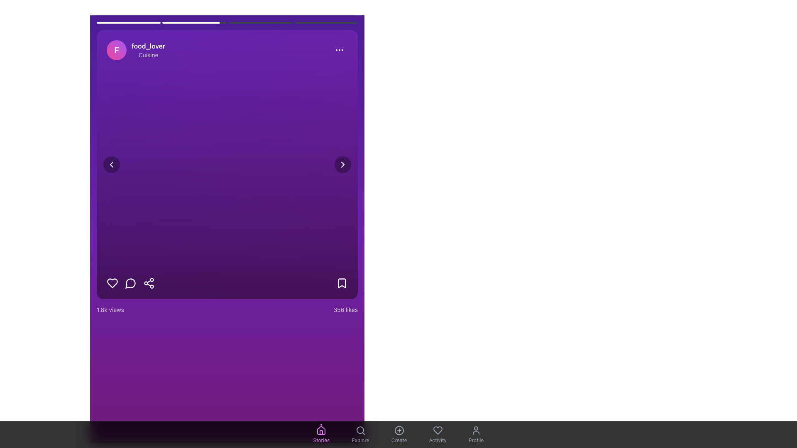 The width and height of the screenshot is (797, 448). What do you see at coordinates (399, 434) in the screenshot?
I see `the 'Create' button located in the bottom navigation bar, which is the third button from the left, to initiate content creation` at bounding box center [399, 434].